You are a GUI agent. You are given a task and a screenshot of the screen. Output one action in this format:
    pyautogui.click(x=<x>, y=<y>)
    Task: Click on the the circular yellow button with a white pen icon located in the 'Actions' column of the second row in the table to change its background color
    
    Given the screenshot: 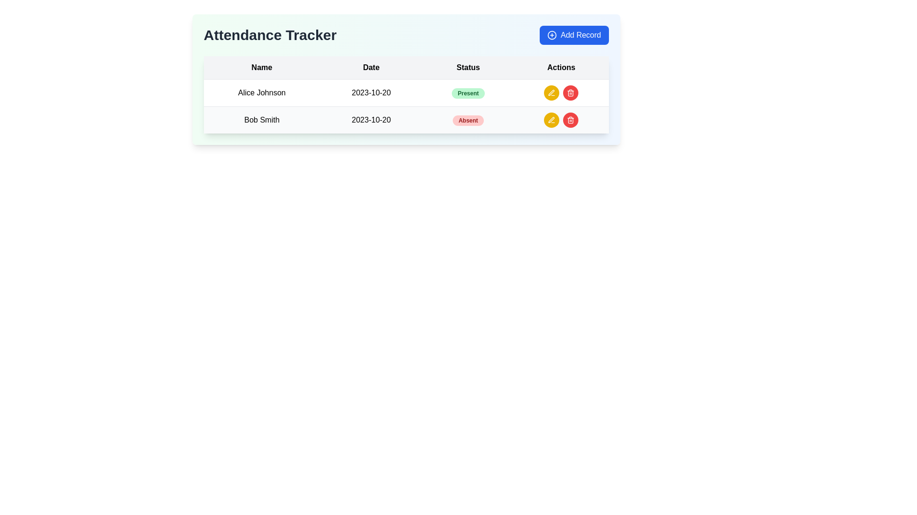 What is the action you would take?
    pyautogui.click(x=552, y=119)
    